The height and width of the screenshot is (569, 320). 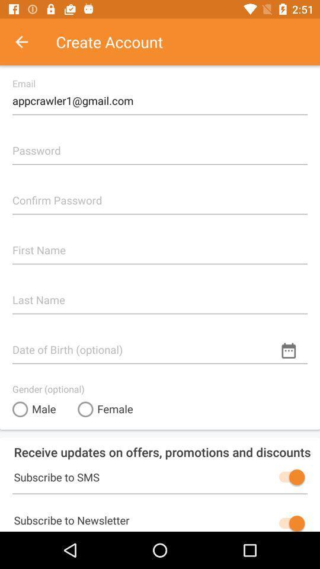 What do you see at coordinates (160, 344) in the screenshot?
I see `type in date of birth in this box` at bounding box center [160, 344].